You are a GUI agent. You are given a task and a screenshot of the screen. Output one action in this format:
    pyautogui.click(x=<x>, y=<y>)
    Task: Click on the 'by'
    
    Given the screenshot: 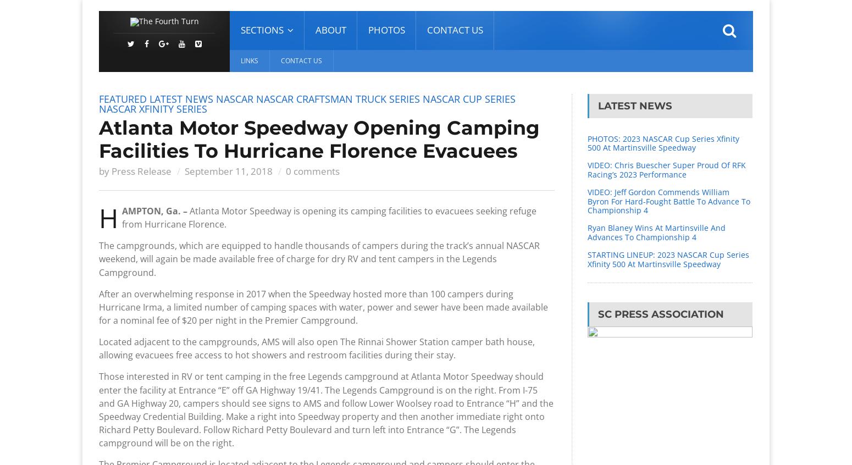 What is the action you would take?
    pyautogui.click(x=98, y=170)
    